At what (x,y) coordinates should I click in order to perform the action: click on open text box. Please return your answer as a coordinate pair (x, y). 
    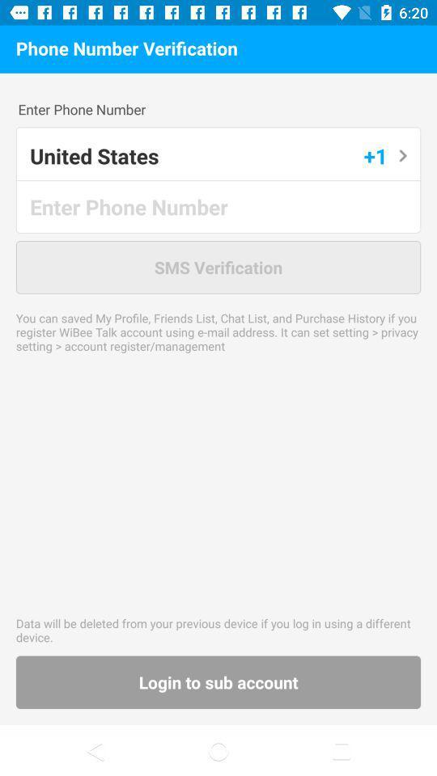
    Looking at the image, I should click on (218, 205).